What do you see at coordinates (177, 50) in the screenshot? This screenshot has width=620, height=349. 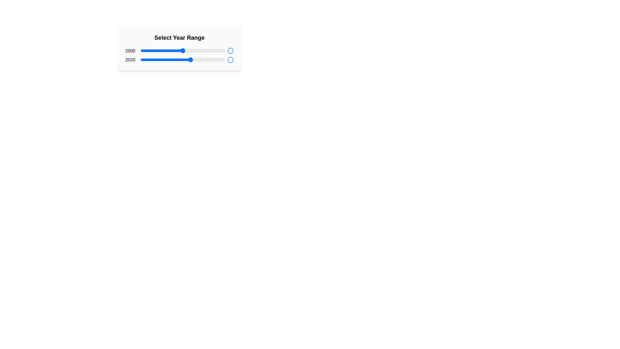 I see `the year` at bounding box center [177, 50].